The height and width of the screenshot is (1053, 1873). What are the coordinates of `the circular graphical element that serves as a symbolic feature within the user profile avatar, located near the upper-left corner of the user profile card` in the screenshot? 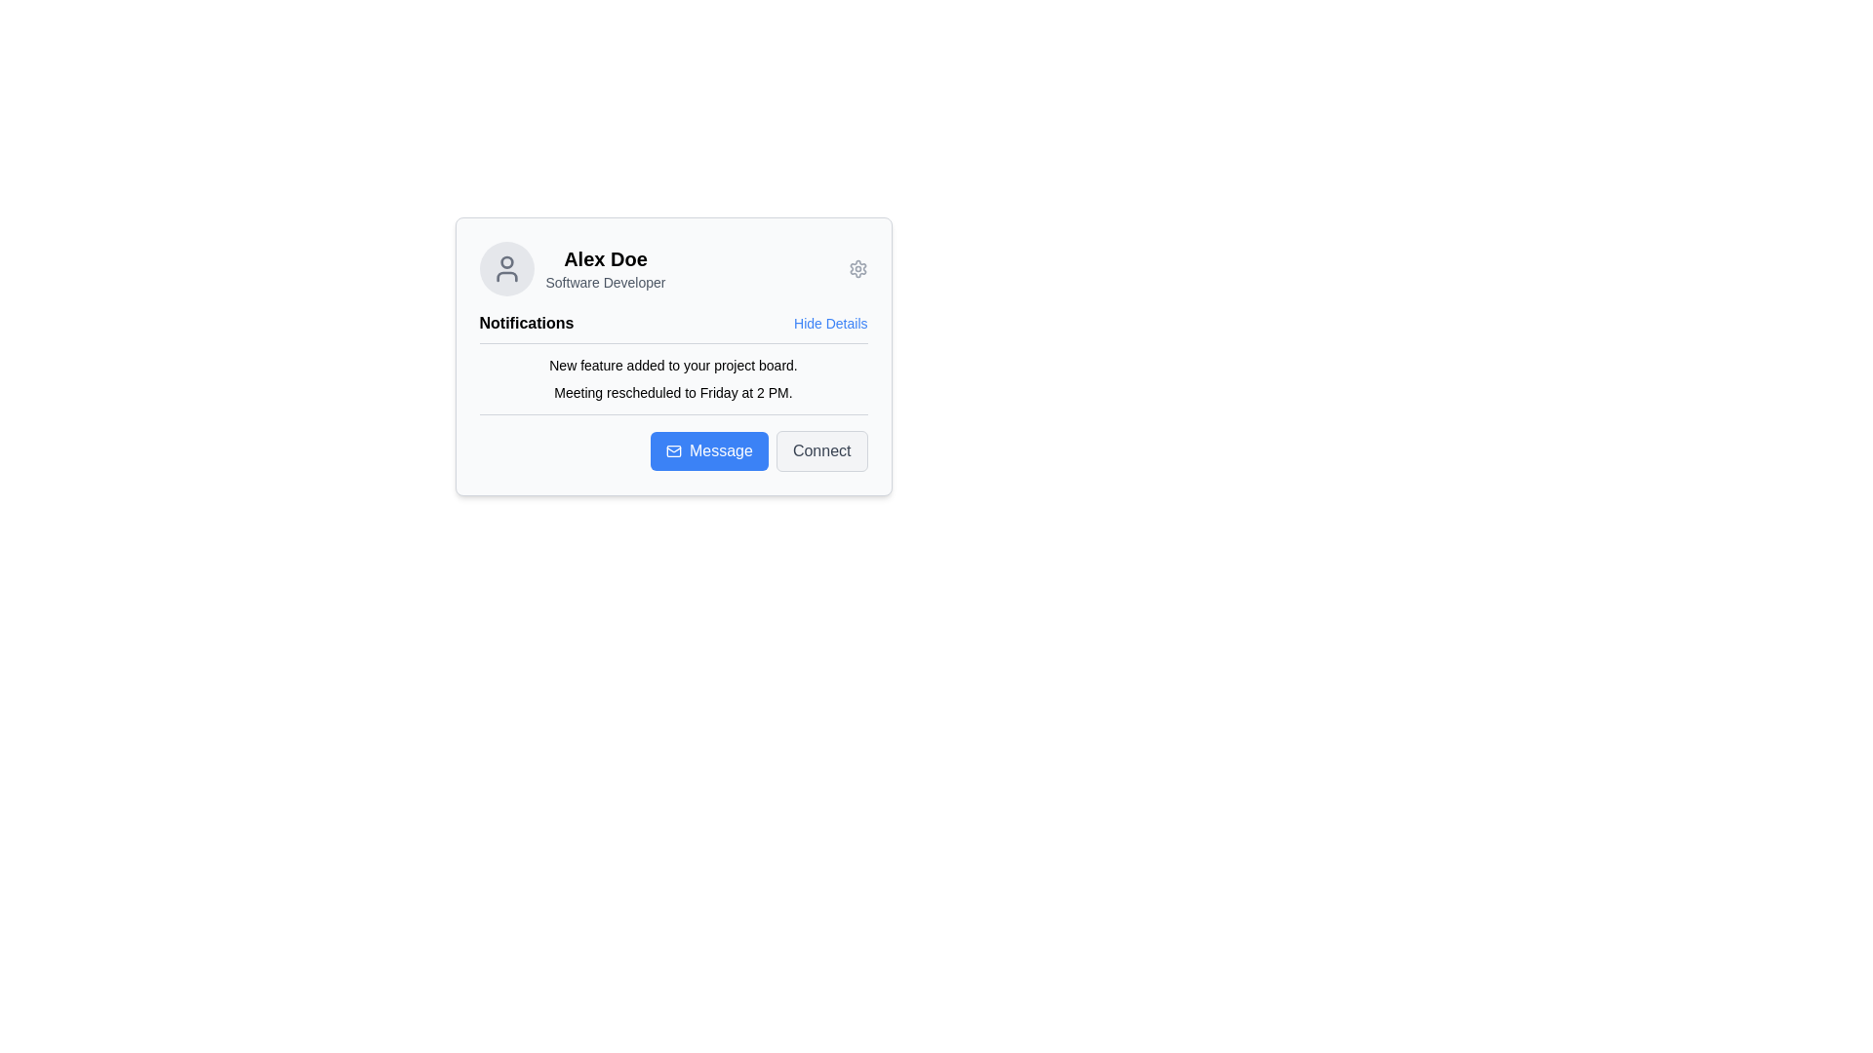 It's located at (506, 261).